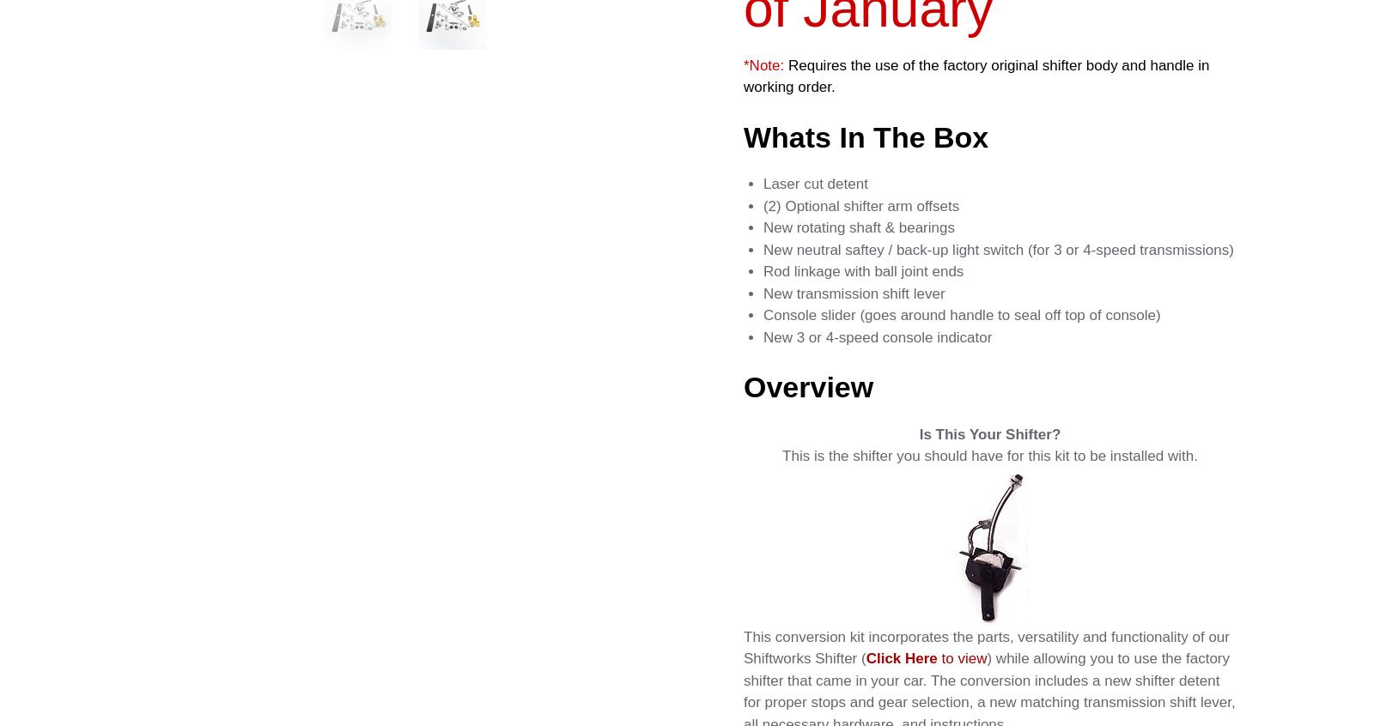 The image size is (1374, 726). What do you see at coordinates (961, 315) in the screenshot?
I see `'Console slider (goes around handle to seal off top of console)'` at bounding box center [961, 315].